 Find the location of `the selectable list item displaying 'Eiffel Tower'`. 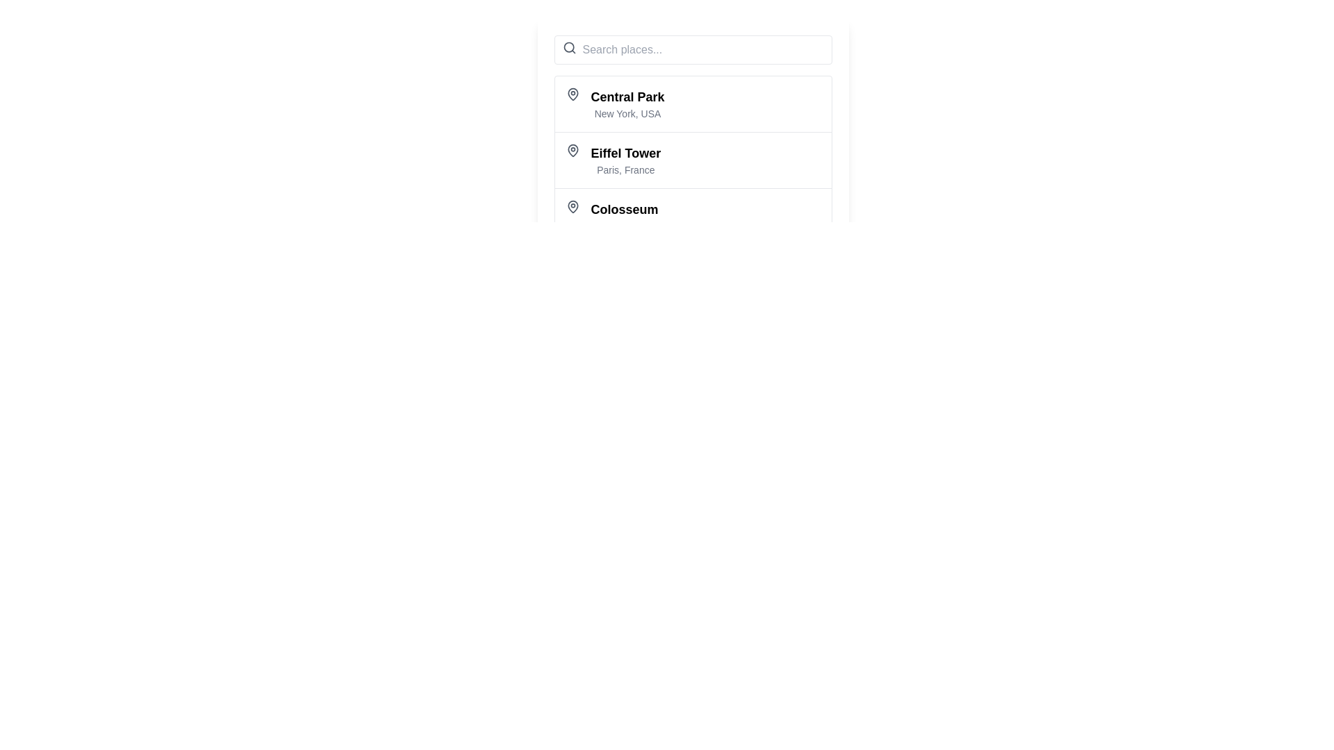

the selectable list item displaying 'Eiffel Tower' is located at coordinates (693, 159).